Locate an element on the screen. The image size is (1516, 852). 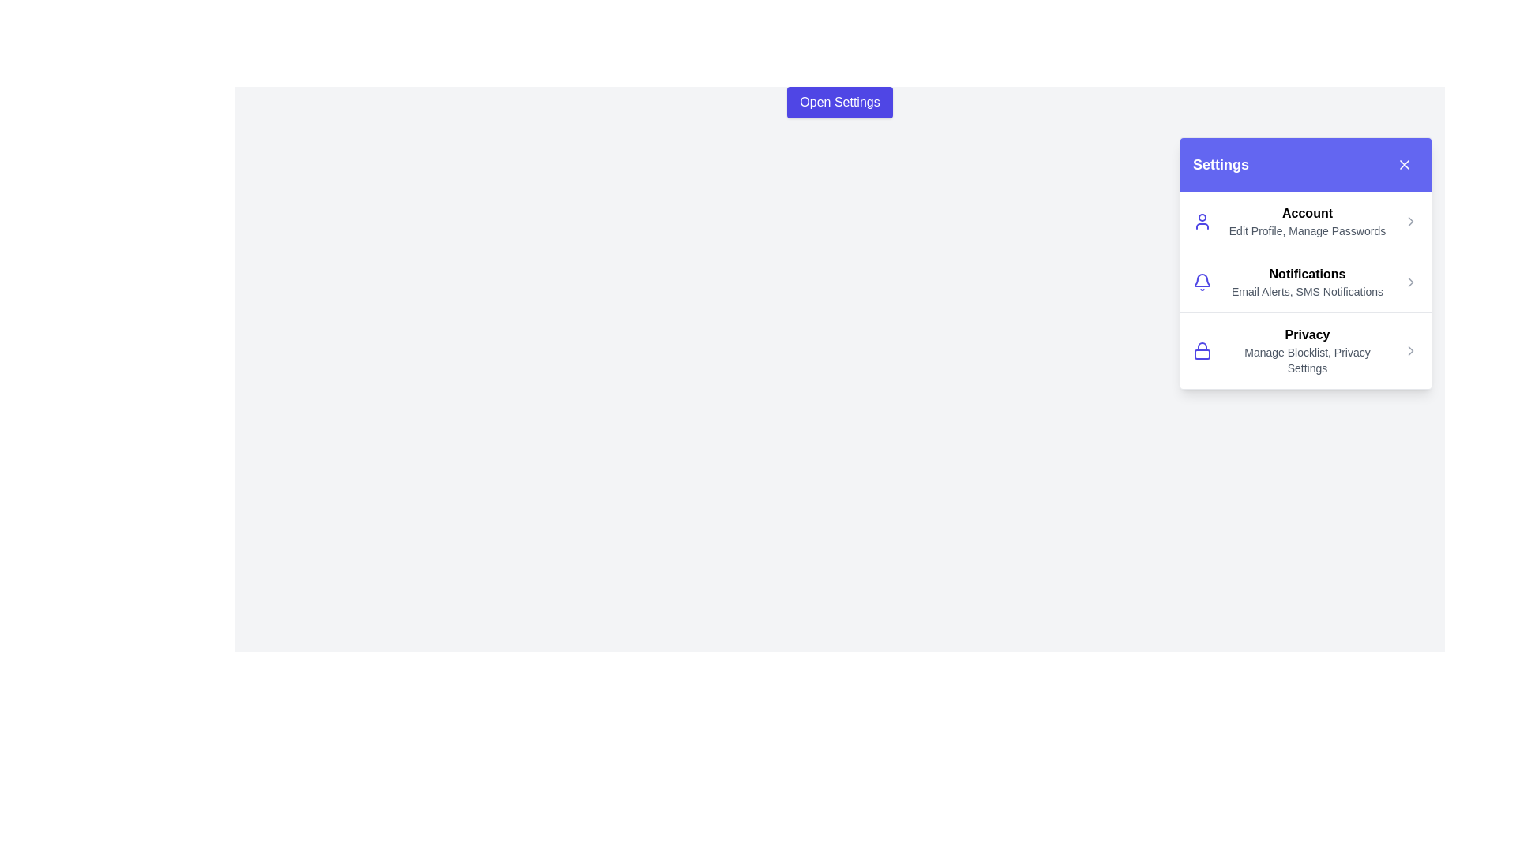
the 'Privacy' icon in the settings panel is located at coordinates (1410, 349).